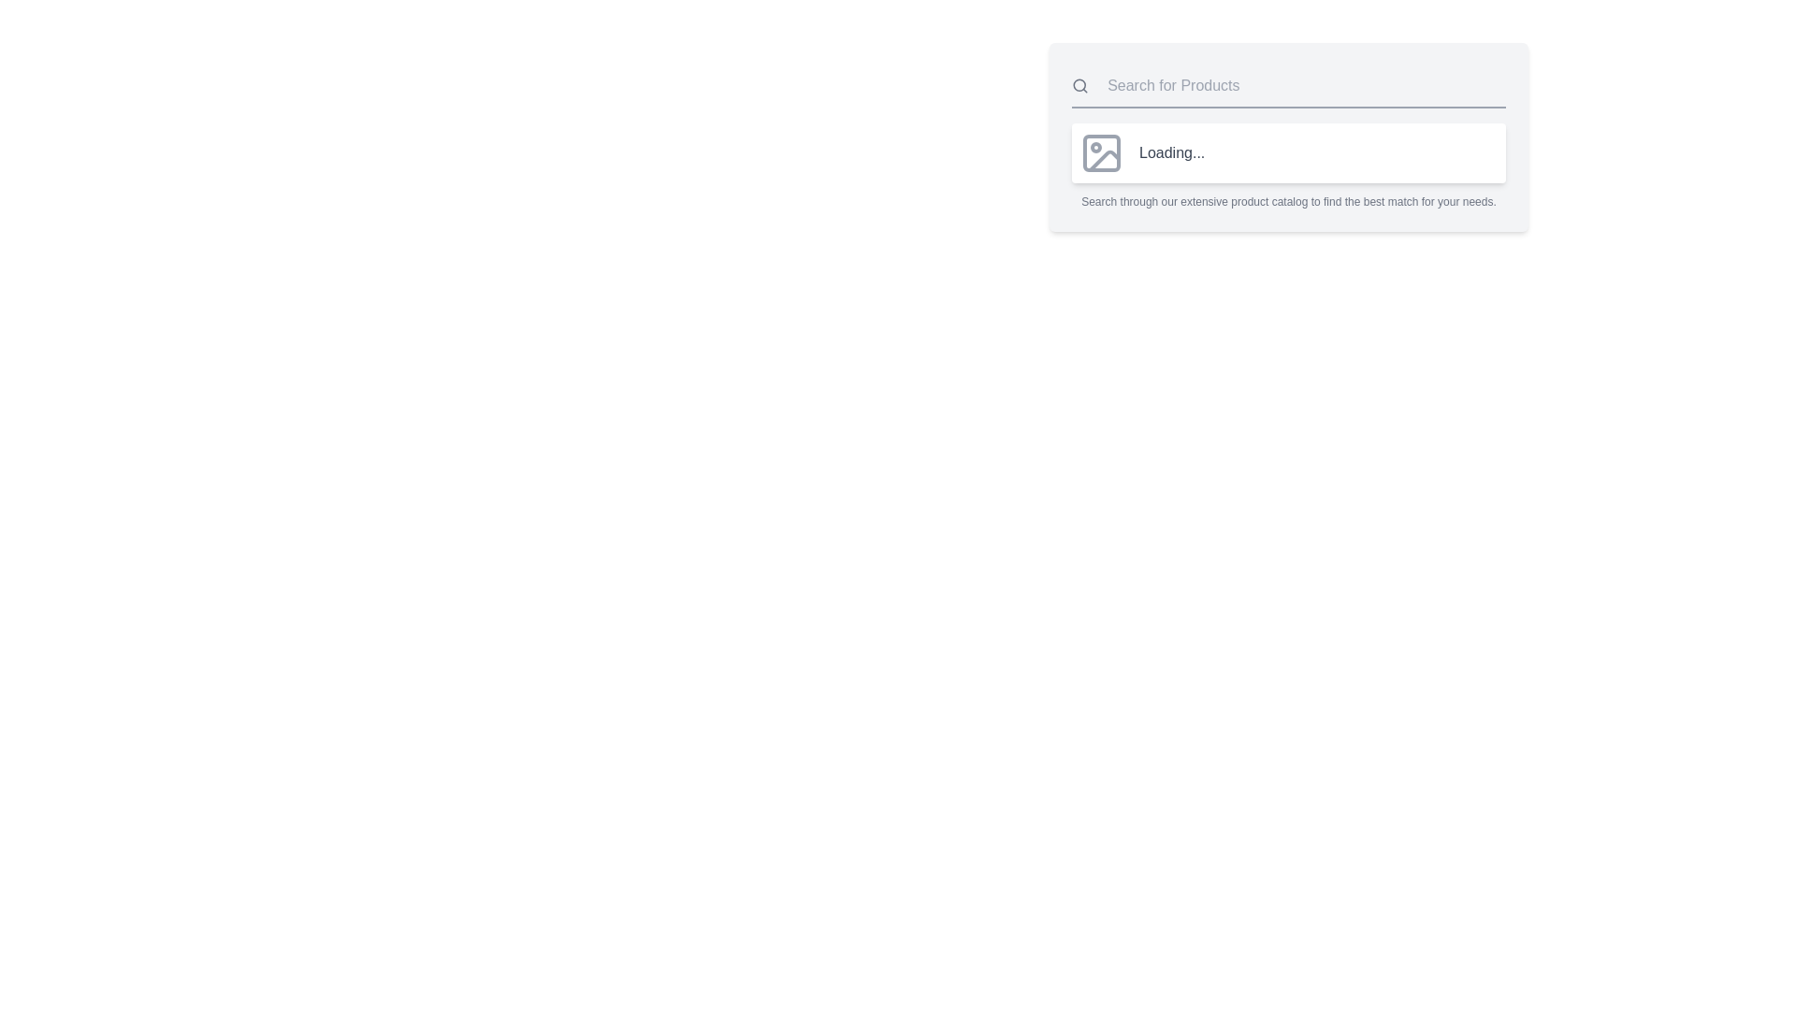  Describe the element at coordinates (1079, 85) in the screenshot. I see `the circular lens of the magnifier icon located in the header section, which indicates the presence of search functionality` at that location.